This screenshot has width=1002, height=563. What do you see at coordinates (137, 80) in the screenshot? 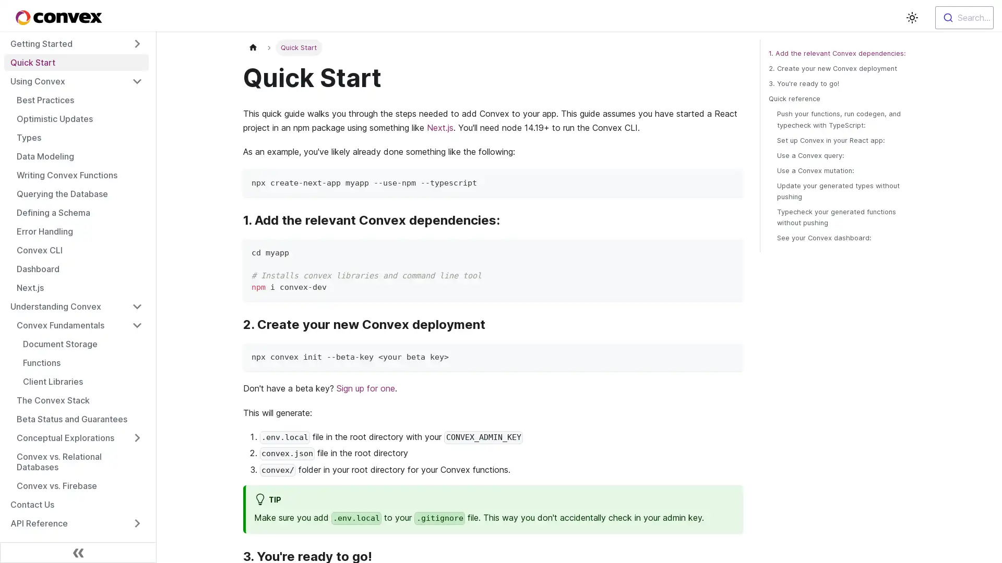
I see `Toggle the collapsible sidebar category 'Using Convex'` at bounding box center [137, 80].